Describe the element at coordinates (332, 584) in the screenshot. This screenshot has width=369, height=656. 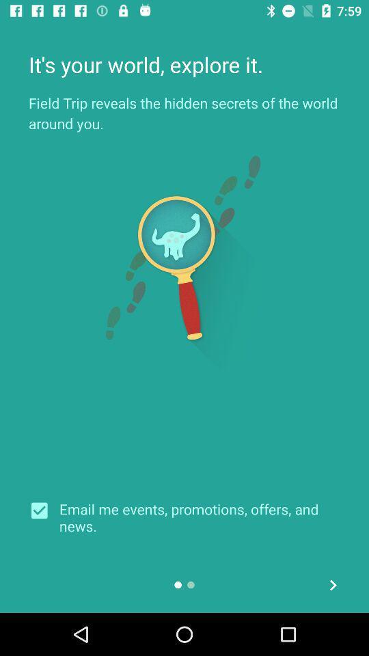
I see `icon at the bottom right corner` at that location.